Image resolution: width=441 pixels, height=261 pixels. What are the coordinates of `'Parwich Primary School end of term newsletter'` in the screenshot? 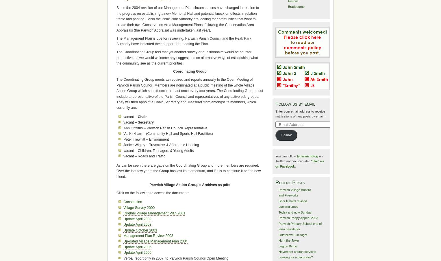 It's located at (300, 226).